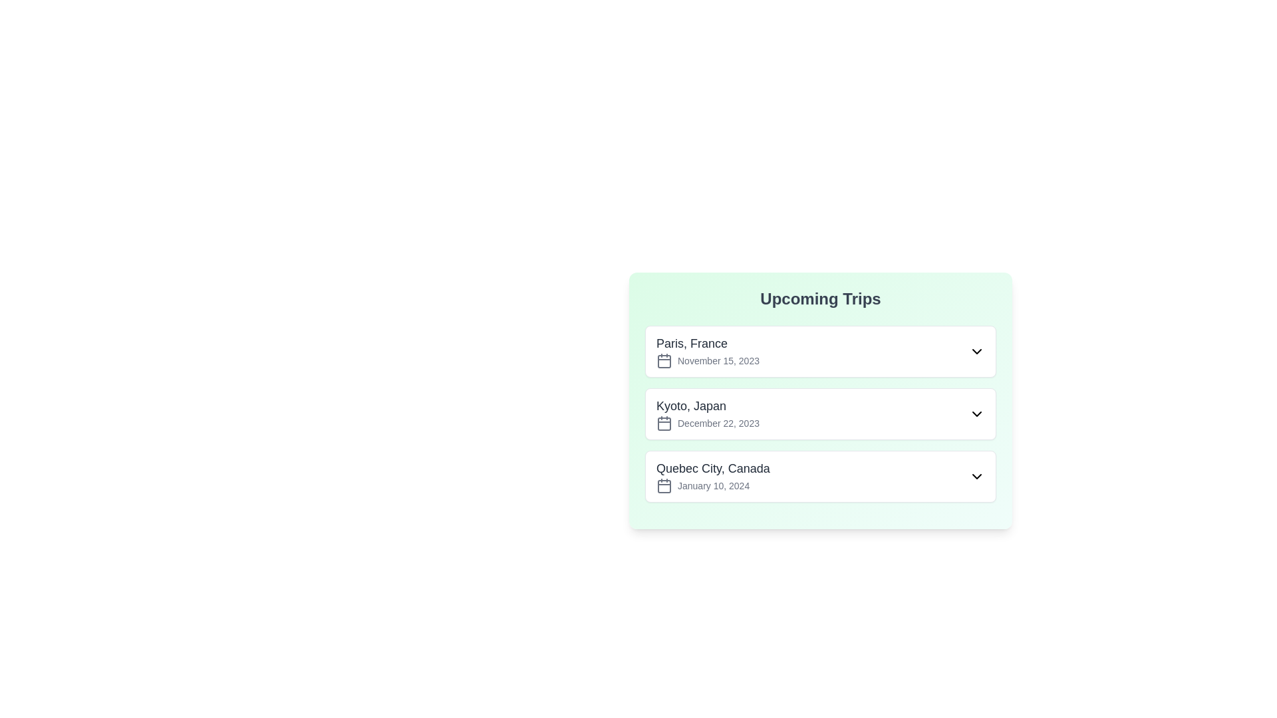 The width and height of the screenshot is (1277, 718). Describe the element at coordinates (707, 350) in the screenshot. I see `static text label displaying information about the scheduled trip to Paris, France, on November 15, 2023, which is the first item under 'Upcoming Trips'` at that location.